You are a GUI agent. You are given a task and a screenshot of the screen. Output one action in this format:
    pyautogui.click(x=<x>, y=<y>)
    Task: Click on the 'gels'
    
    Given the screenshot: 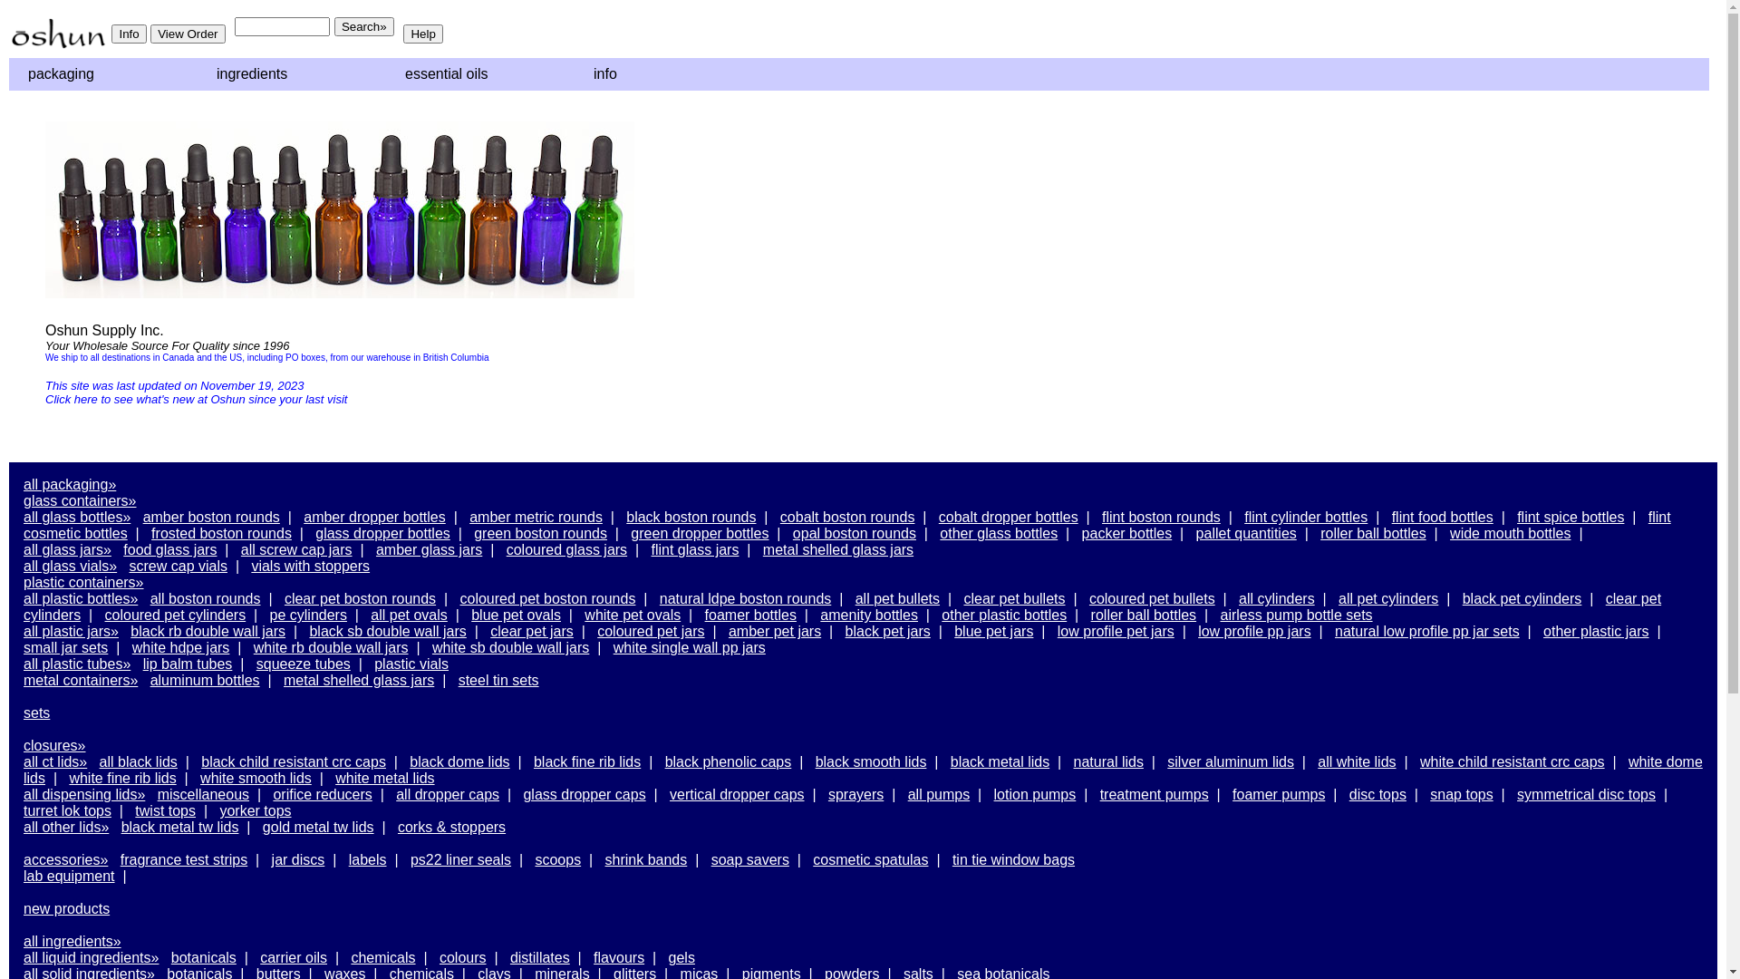 What is the action you would take?
    pyautogui.click(x=681, y=956)
    